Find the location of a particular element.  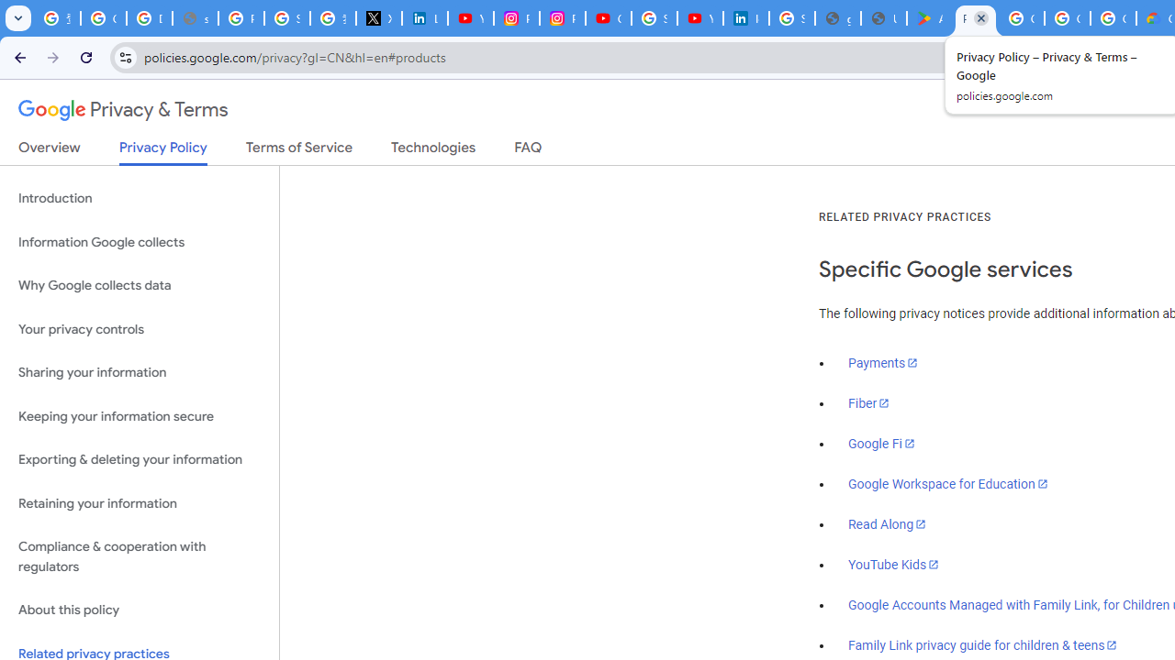

'Keeping your information secure' is located at coordinates (139, 416).